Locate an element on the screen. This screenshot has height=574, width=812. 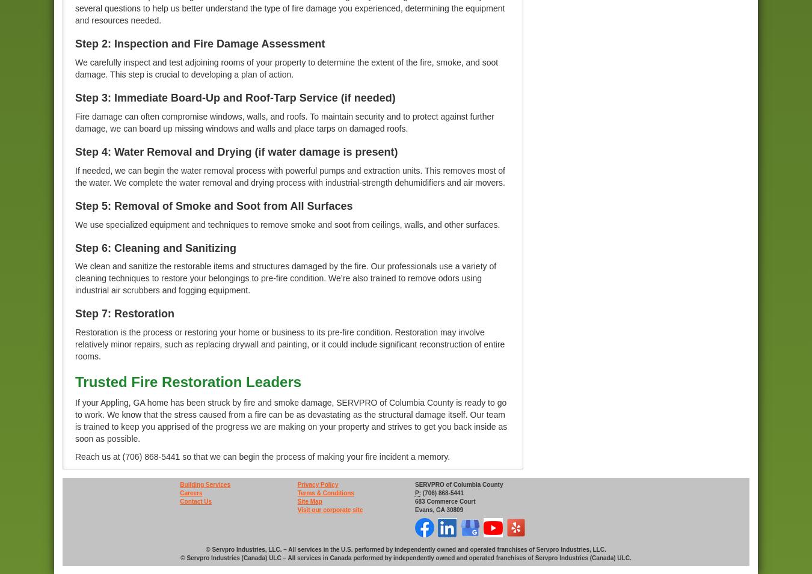
'© Servpro Industries, LLC. – All services in the U.S. performed by independently owned and operated franchises of Servpro Industries, LLC.' is located at coordinates (405, 549).